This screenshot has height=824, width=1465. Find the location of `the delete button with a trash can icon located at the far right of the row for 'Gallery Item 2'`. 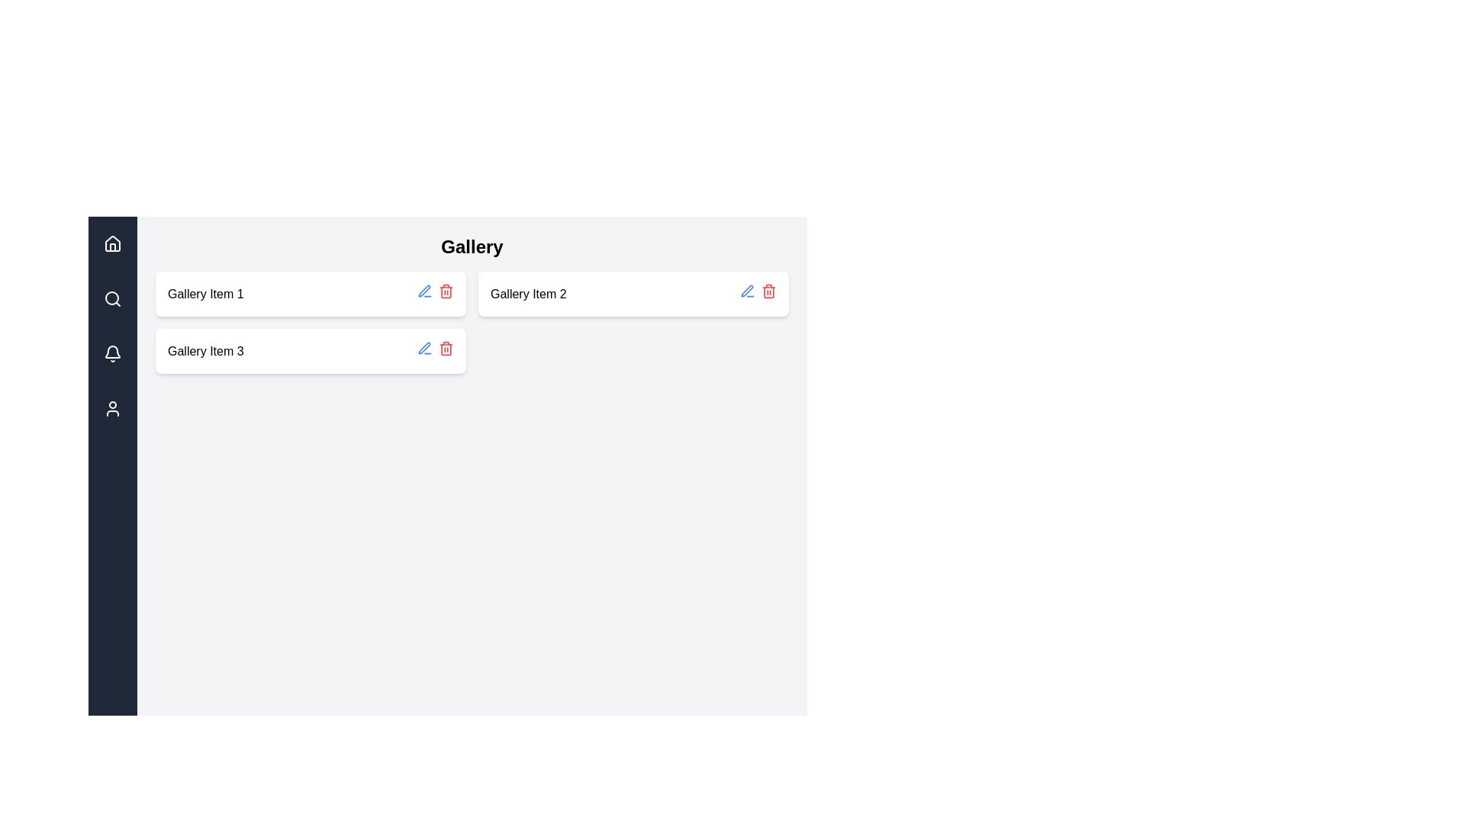

the delete button with a trash can icon located at the far right of the row for 'Gallery Item 2' is located at coordinates (769, 291).